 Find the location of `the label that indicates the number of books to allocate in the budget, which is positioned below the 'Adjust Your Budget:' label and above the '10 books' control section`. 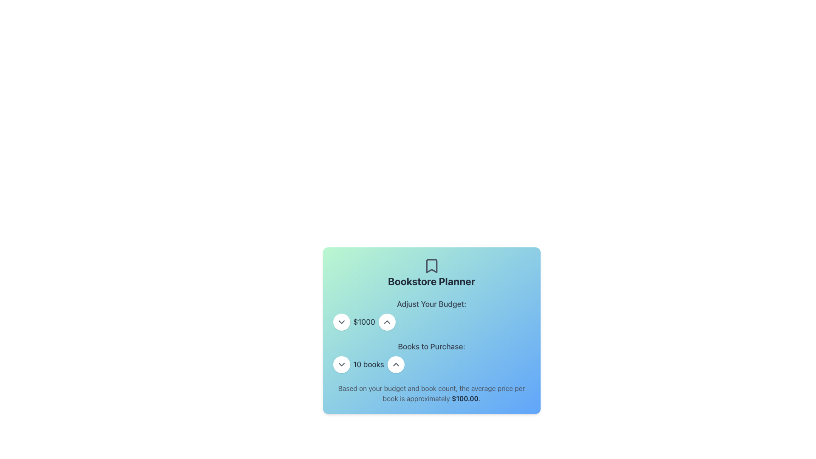

the label that indicates the number of books to allocate in the budget, which is positioned below the 'Adjust Your Budget:' label and above the '10 books' control section is located at coordinates (431, 347).